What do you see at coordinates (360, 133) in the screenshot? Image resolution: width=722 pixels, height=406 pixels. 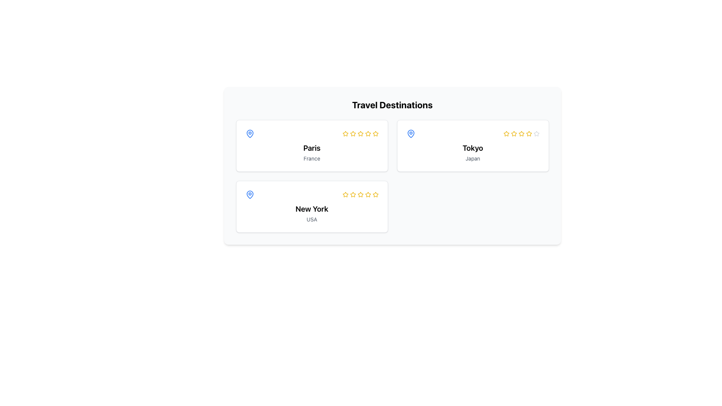 I see `the third star icon` at bounding box center [360, 133].